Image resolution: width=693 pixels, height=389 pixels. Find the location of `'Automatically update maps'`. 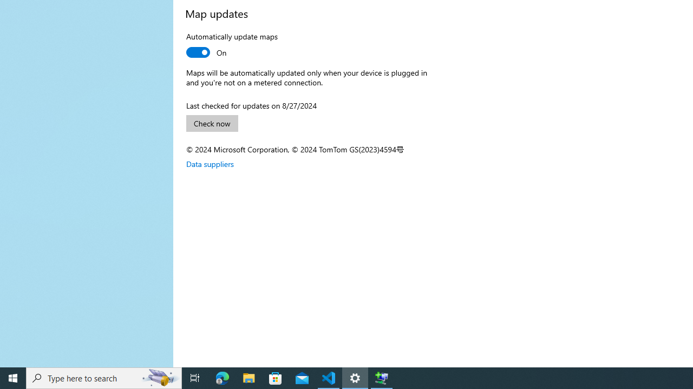

'Automatically update maps' is located at coordinates (231, 45).